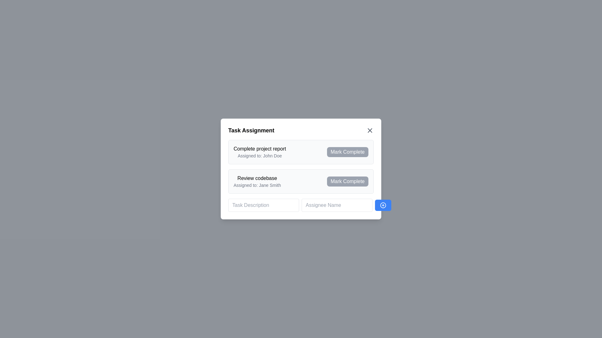 The width and height of the screenshot is (602, 338). Describe the element at coordinates (370, 130) in the screenshot. I see `the close button located at the top-right corner of the 'Task Assignment' modal` at that location.